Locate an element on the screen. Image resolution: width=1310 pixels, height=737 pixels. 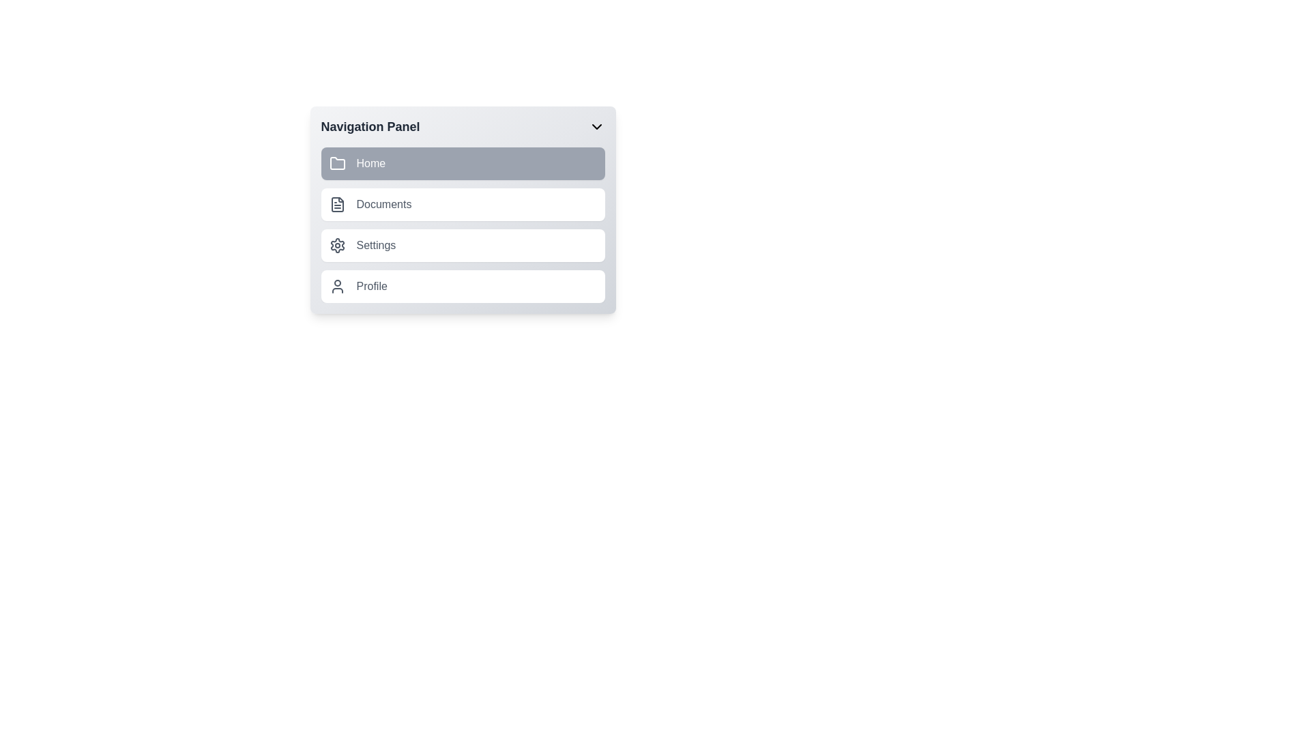
the user figure icon located in the 'Profile' row of the vertical navigation menu, positioned to the left of the 'Profile' label text is located at coordinates (337, 286).